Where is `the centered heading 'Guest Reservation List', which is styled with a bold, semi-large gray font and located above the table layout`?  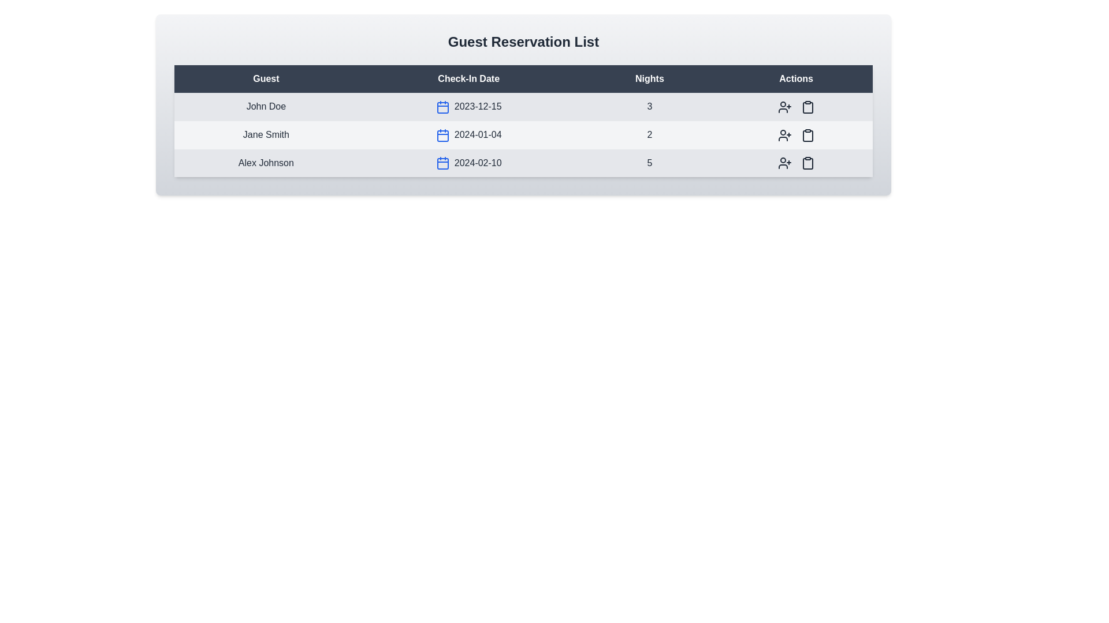 the centered heading 'Guest Reservation List', which is styled with a bold, semi-large gray font and located above the table layout is located at coordinates (523, 42).